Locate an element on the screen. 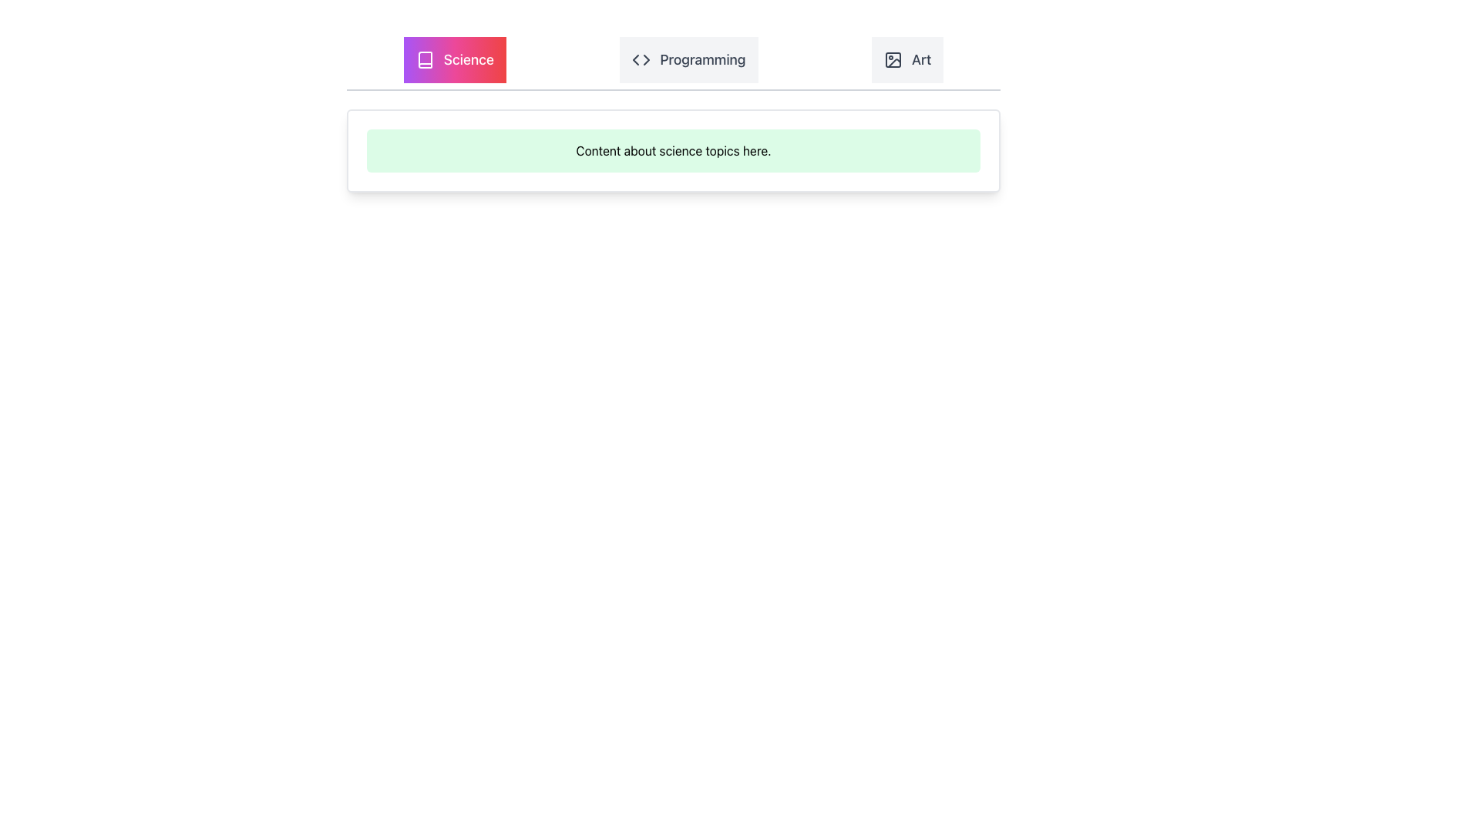 The height and width of the screenshot is (832, 1480). the Static Text Label reading 'Programming' in the central navigation bar is located at coordinates (702, 59).